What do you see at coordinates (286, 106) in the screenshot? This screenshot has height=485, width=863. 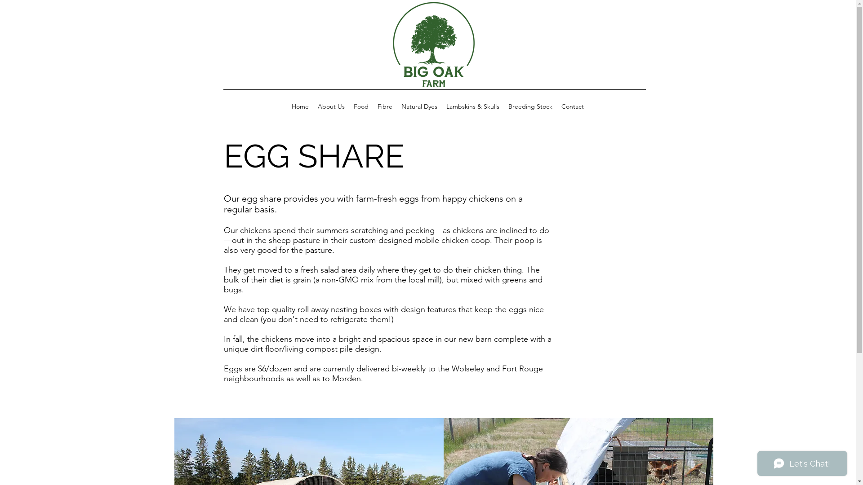 I see `'Home'` at bounding box center [286, 106].